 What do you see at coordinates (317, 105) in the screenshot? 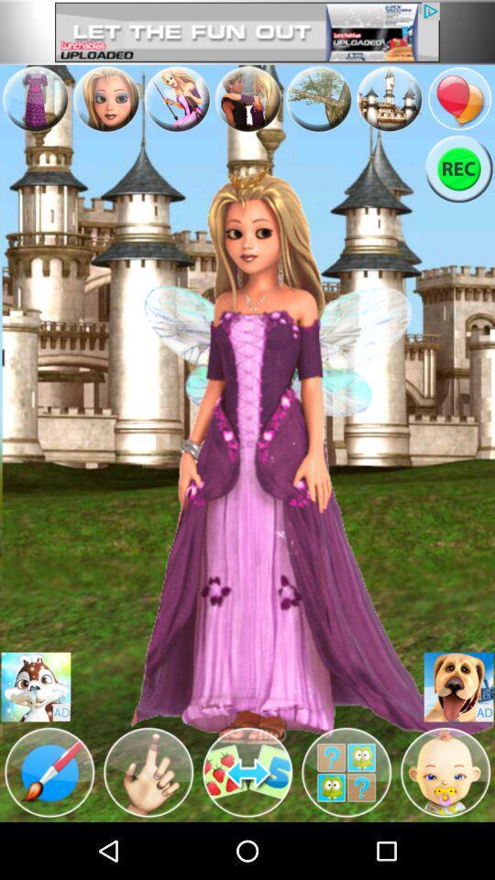
I see `the avatar icon` at bounding box center [317, 105].